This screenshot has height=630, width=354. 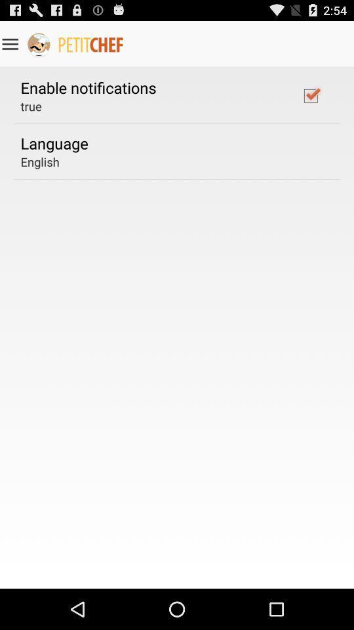 What do you see at coordinates (88, 87) in the screenshot?
I see `the item above true app` at bounding box center [88, 87].